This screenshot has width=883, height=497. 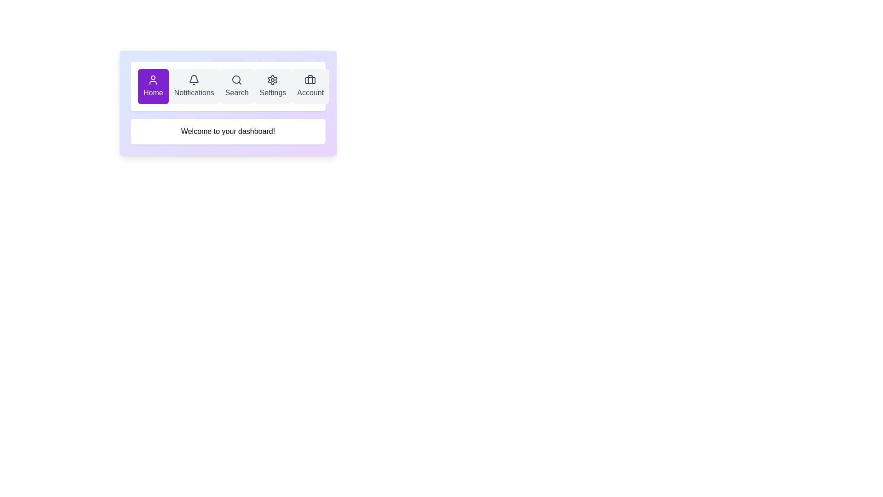 What do you see at coordinates (237, 92) in the screenshot?
I see `the search label in the navigation toolbar, which is the third element from the left, aligned with the magnifying glass icon` at bounding box center [237, 92].